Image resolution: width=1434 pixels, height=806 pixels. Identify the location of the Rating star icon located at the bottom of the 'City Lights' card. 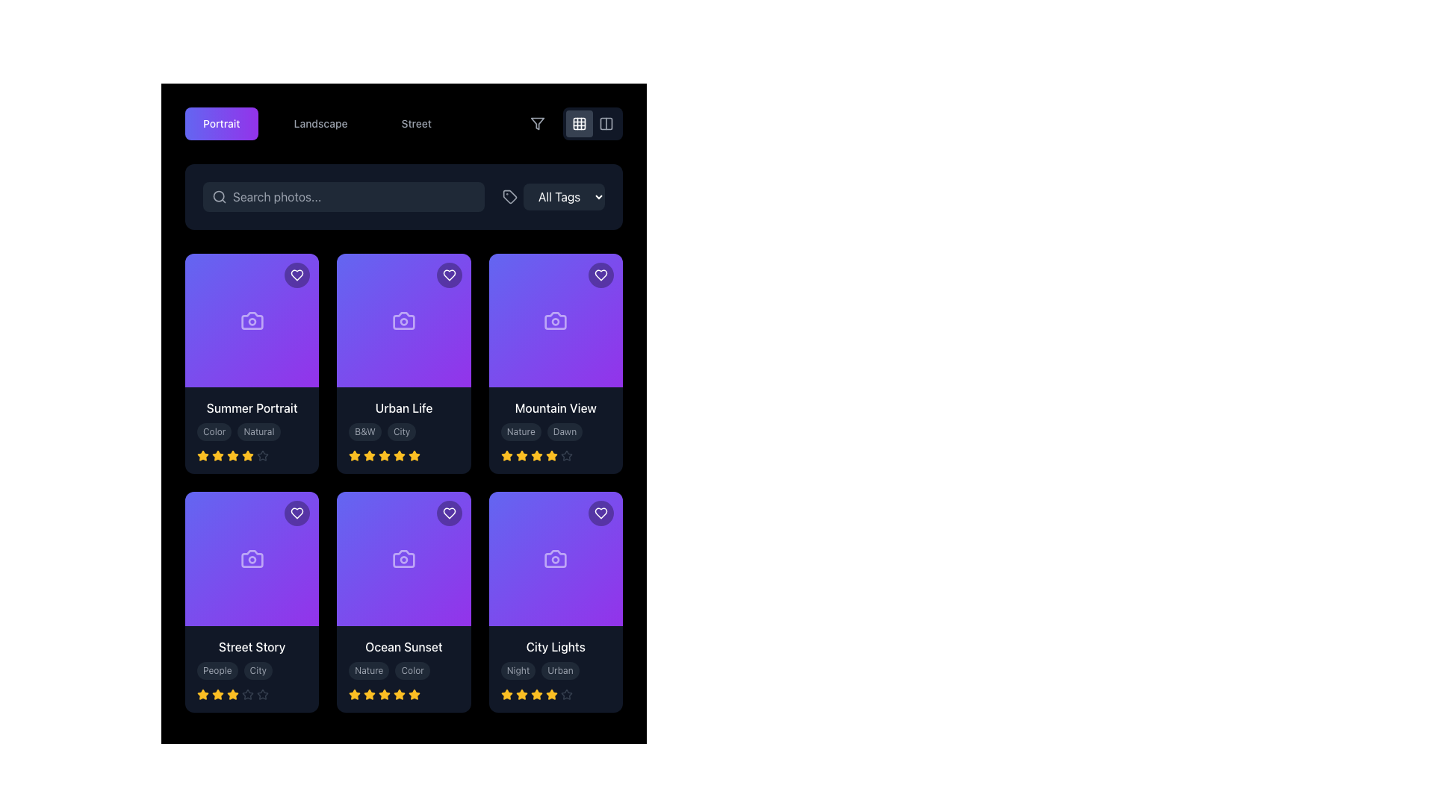
(506, 694).